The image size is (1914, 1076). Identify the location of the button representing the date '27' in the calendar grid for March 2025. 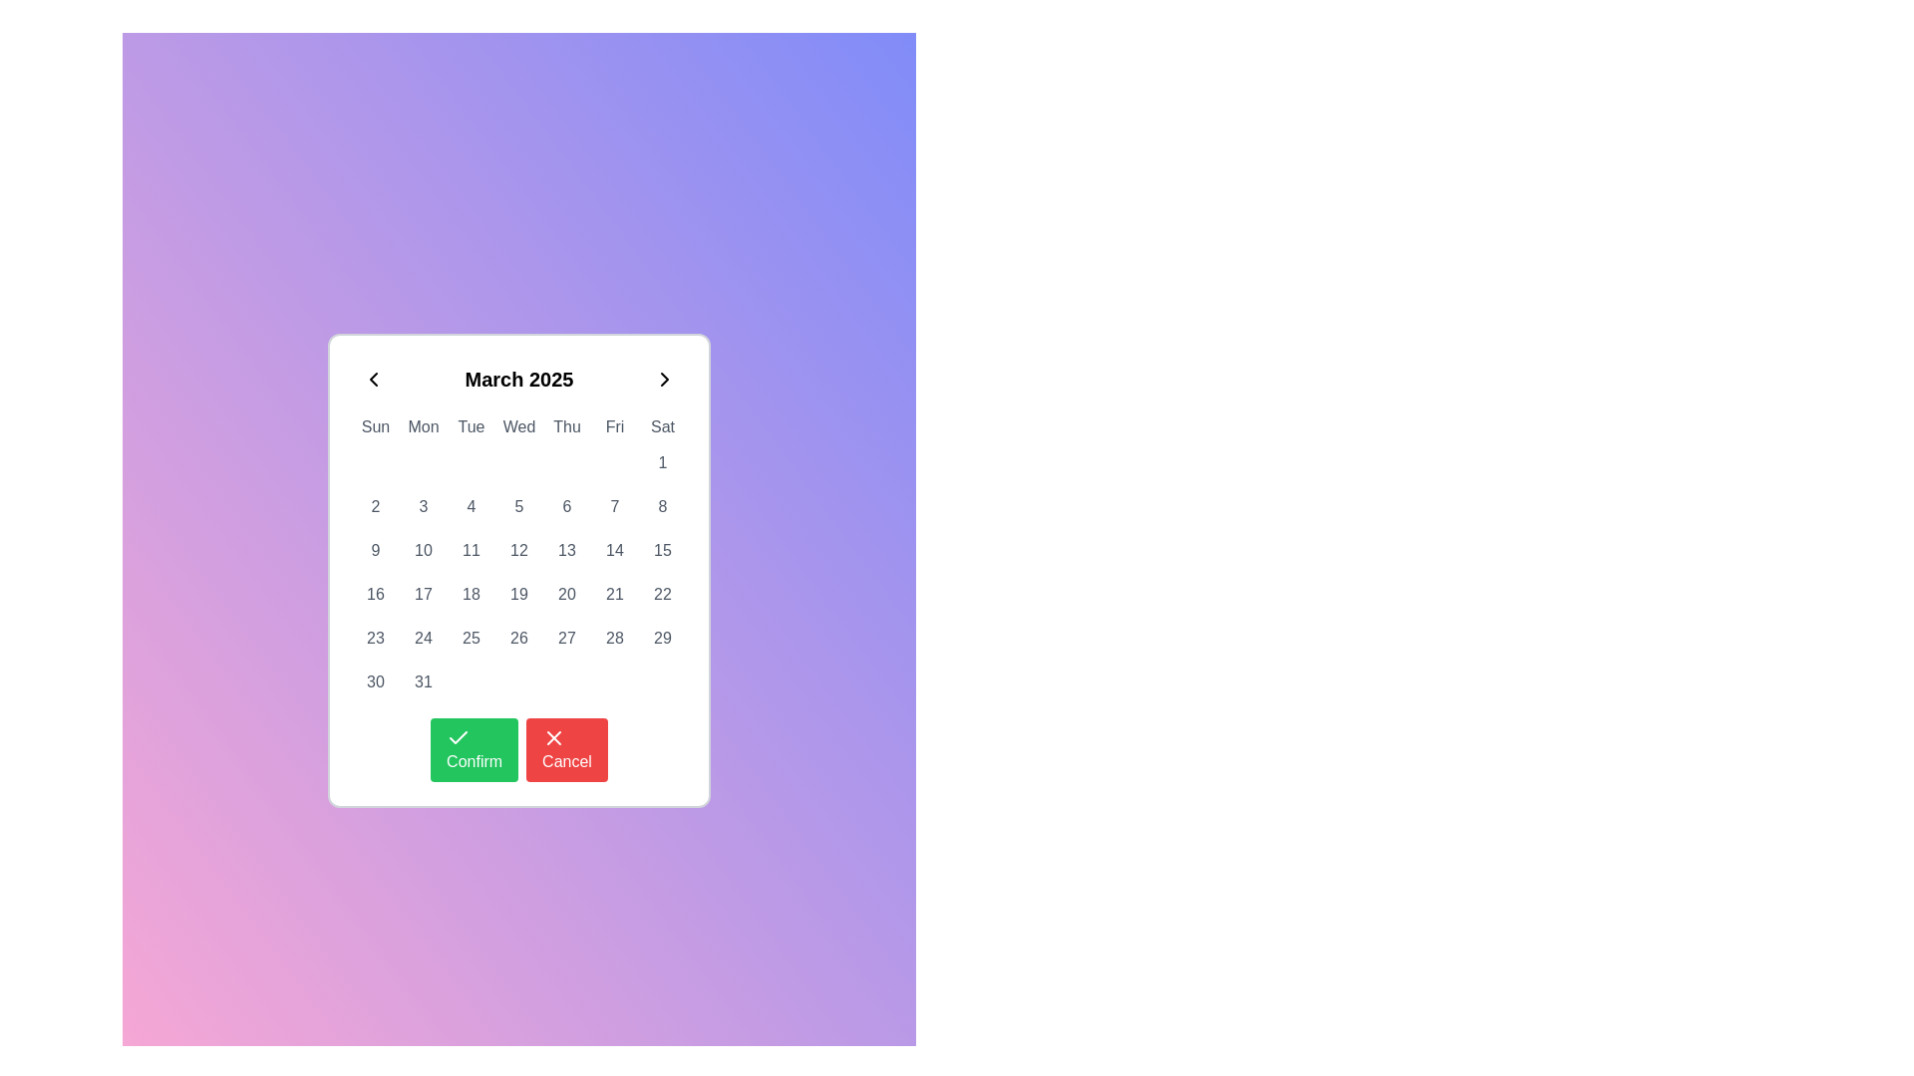
(566, 638).